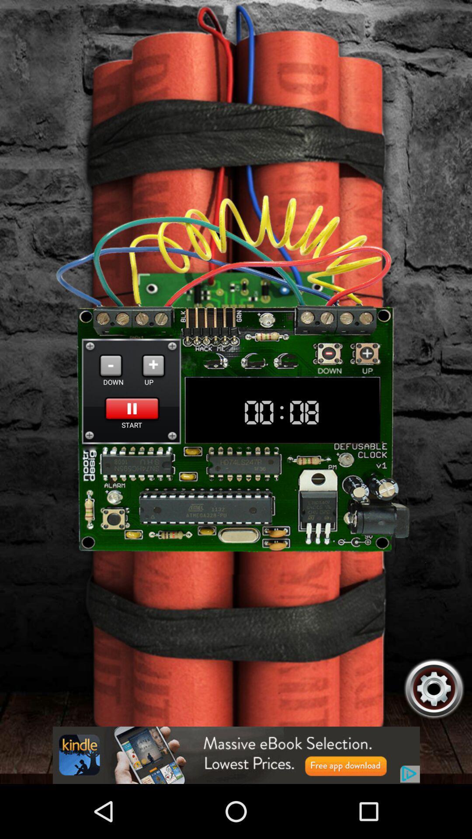 The height and width of the screenshot is (839, 472). Describe the element at coordinates (132, 439) in the screenshot. I see `the pause icon` at that location.